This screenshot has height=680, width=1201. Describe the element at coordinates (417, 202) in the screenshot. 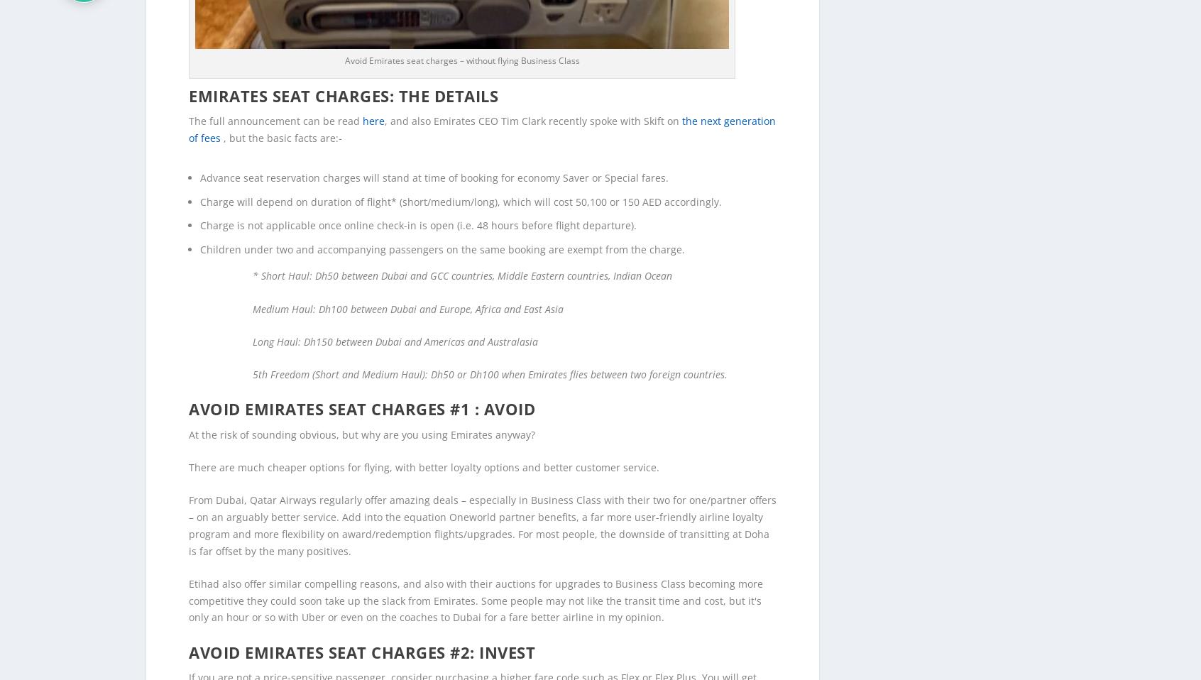

I see `'Charge is not applicable once online check-in is open (i.e. 48 hours before flight departure).'` at that location.